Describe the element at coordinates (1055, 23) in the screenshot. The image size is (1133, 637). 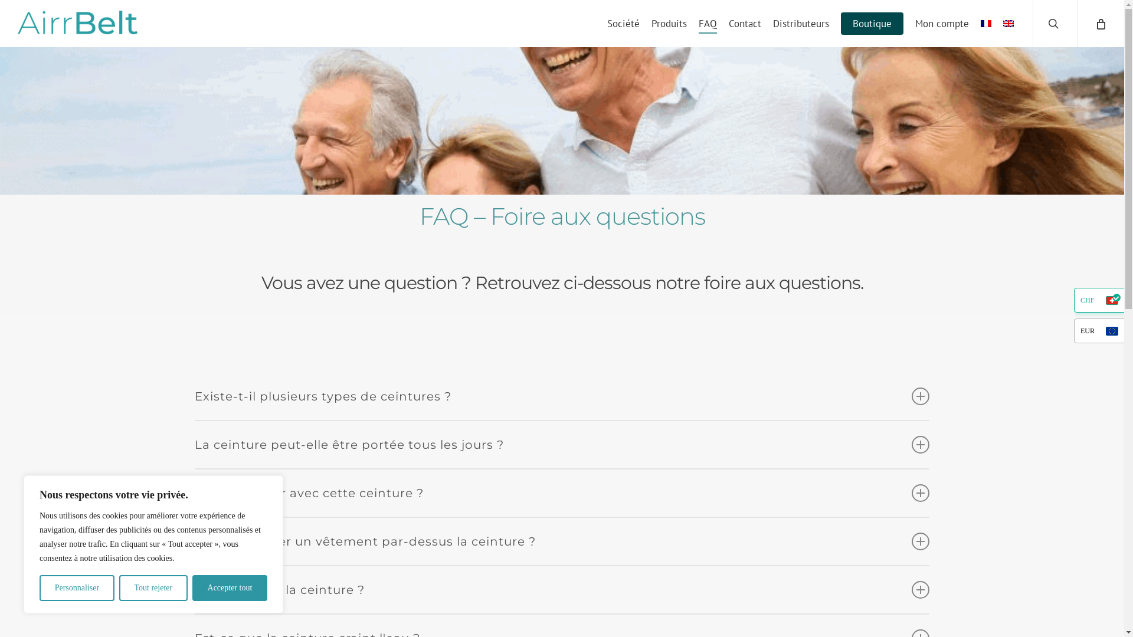
I see `'search'` at that location.